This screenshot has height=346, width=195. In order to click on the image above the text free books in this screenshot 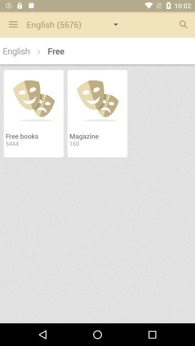, I will do `click(33, 99)`.